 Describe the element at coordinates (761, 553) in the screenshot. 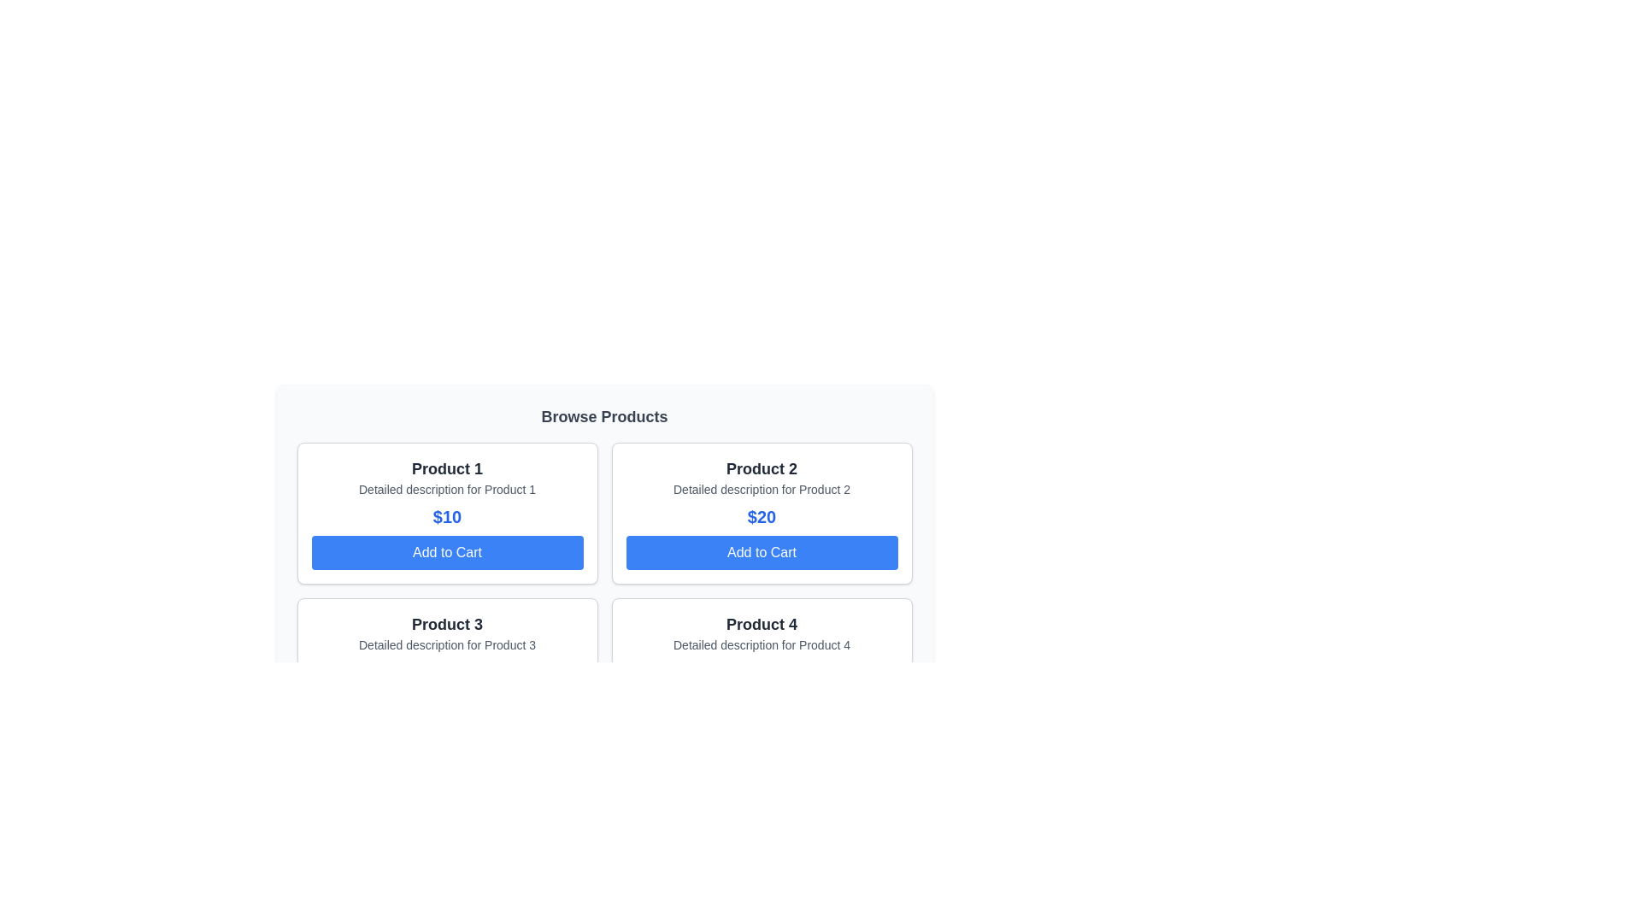

I see `the 'Add to Cart' button for 'Product 2' located at the bottom of the second column in the first row of the product card grid` at that location.